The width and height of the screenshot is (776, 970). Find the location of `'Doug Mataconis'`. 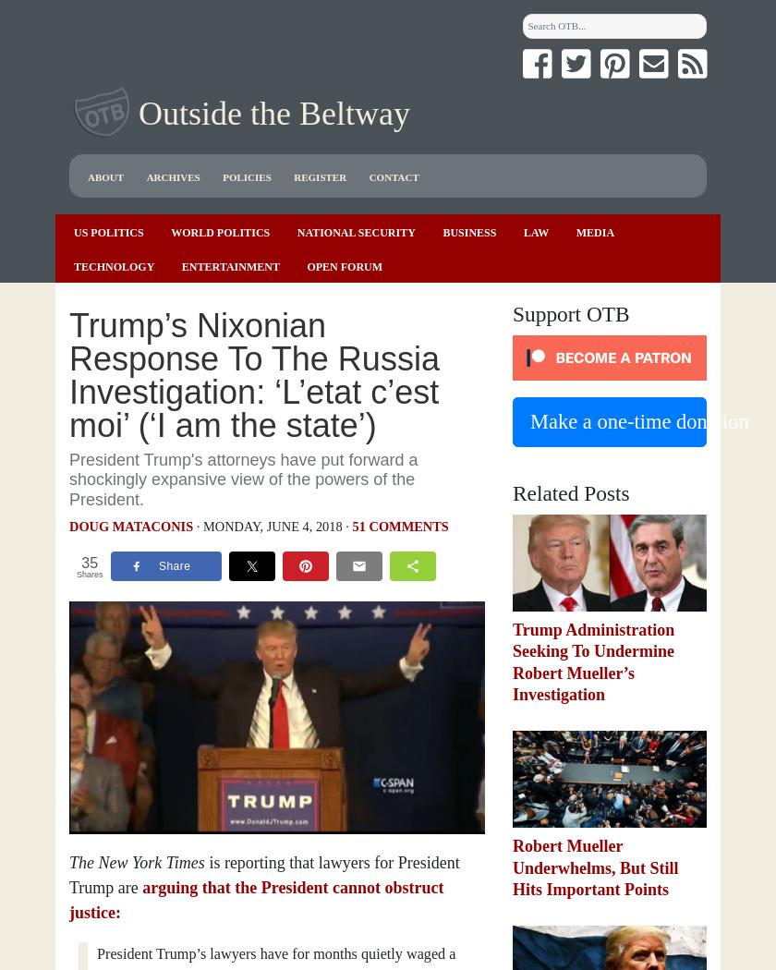

'Doug Mataconis' is located at coordinates (130, 526).